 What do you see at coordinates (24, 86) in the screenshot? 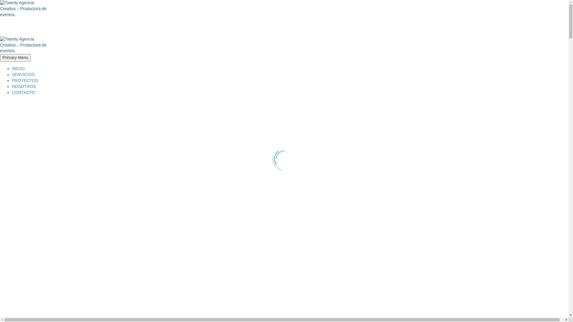
I see `'NOSOTROS'` at bounding box center [24, 86].